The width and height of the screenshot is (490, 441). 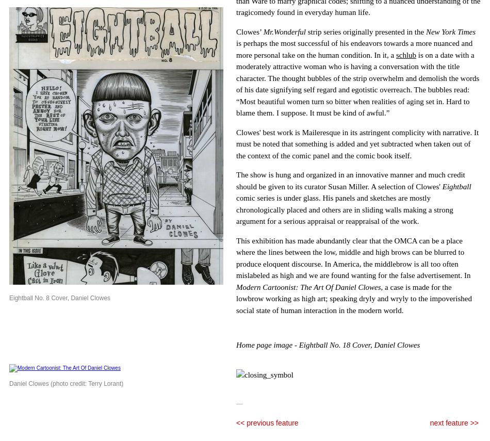 What do you see at coordinates (250, 30) in the screenshot?
I see `'Clowes’'` at bounding box center [250, 30].